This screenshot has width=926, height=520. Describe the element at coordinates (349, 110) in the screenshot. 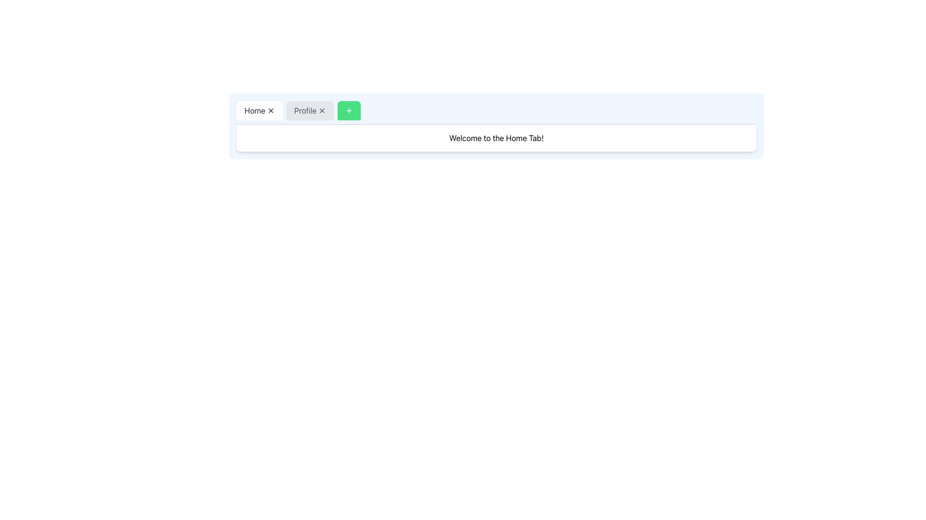

I see `the icon within the green button located at the far-right end of the top navigation bar to initiate an action` at that location.